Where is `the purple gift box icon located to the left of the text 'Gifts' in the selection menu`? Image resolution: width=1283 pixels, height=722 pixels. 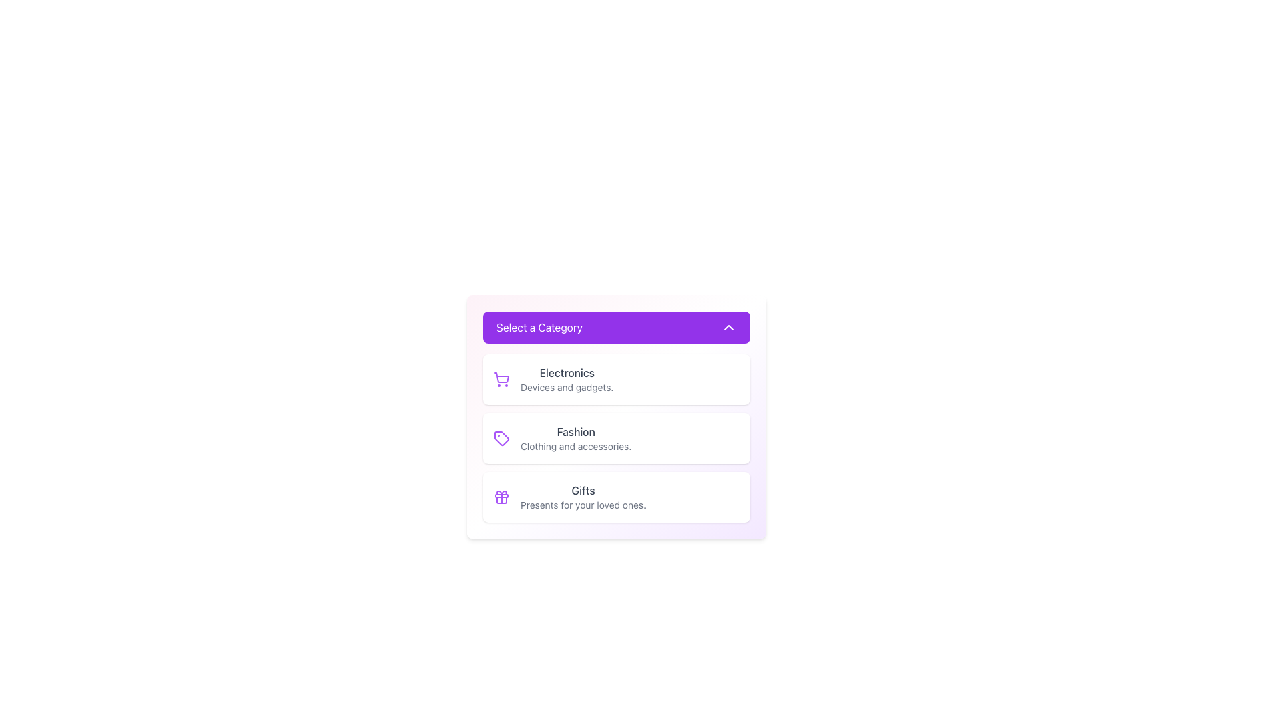
the purple gift box icon located to the left of the text 'Gifts' in the selection menu is located at coordinates (501, 497).